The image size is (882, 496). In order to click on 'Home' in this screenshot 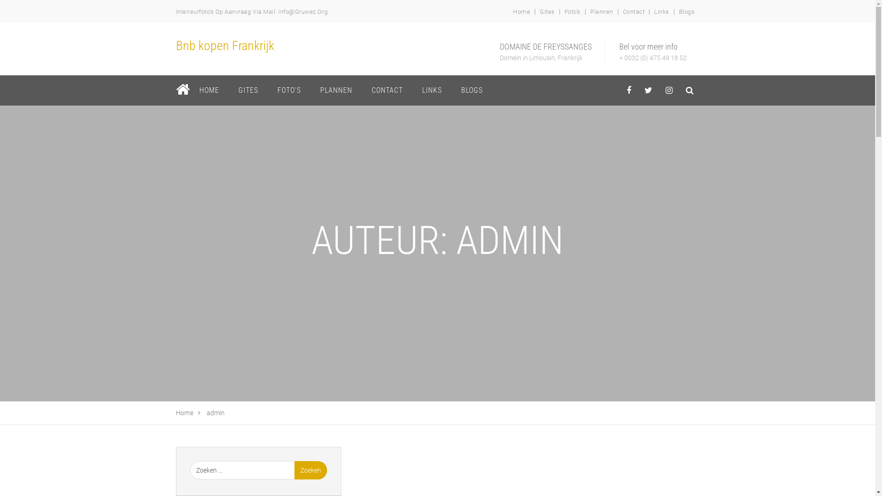, I will do `click(513, 11)`.